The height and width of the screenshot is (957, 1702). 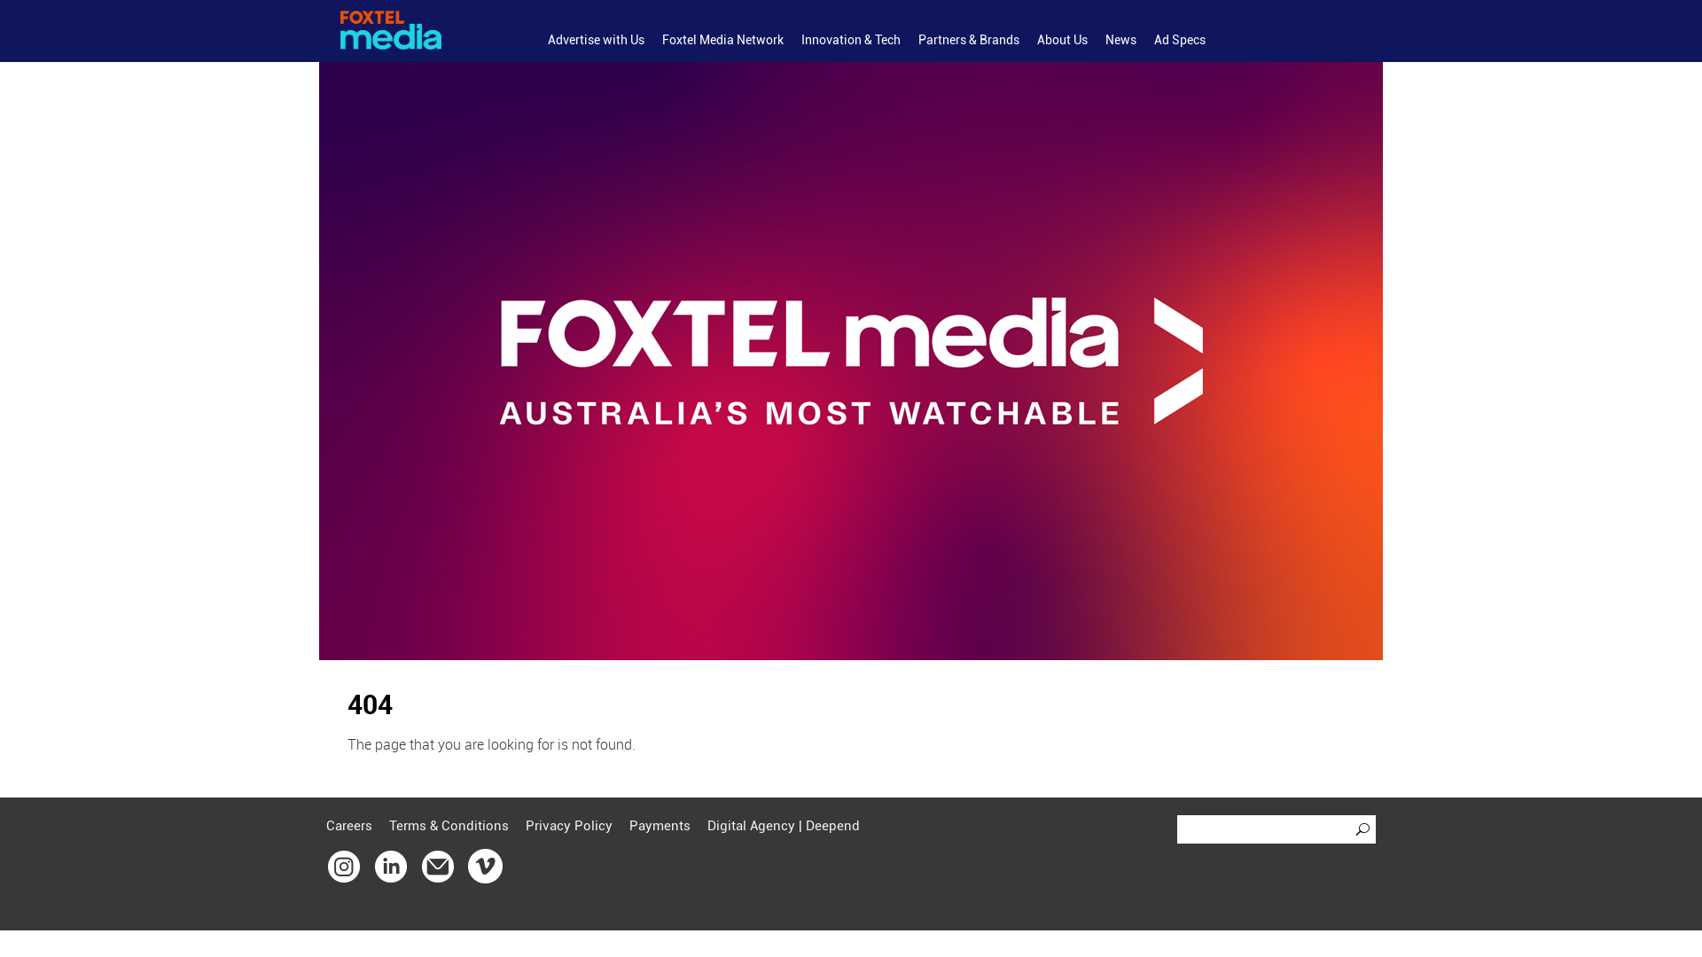 What do you see at coordinates (1179, 40) in the screenshot?
I see `'Ad Specs'` at bounding box center [1179, 40].